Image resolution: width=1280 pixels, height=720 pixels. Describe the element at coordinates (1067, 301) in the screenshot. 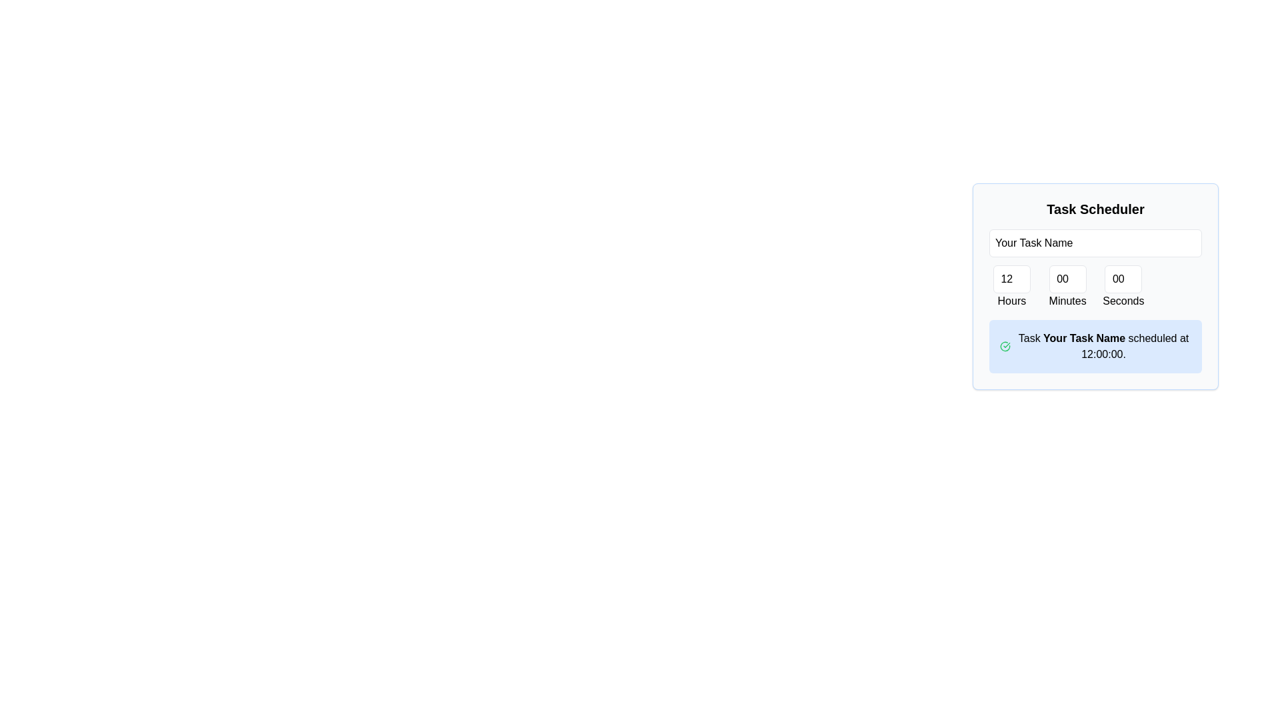

I see `the label that identifies the input field for minutes, located directly below the numeric input field labeled '00'` at that location.